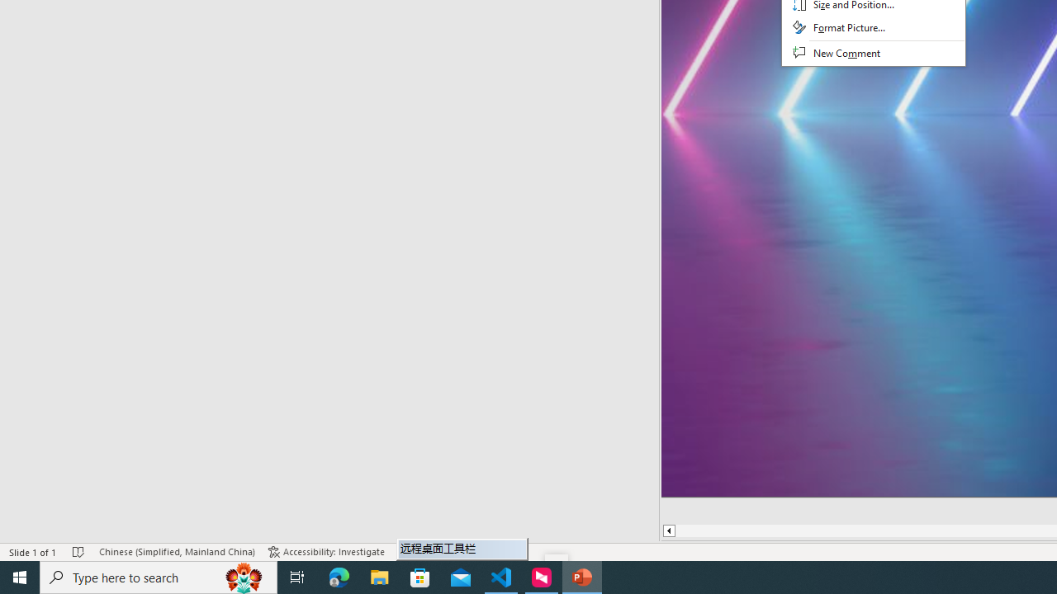  Describe the element at coordinates (872, 53) in the screenshot. I see `'New Comment'` at that location.